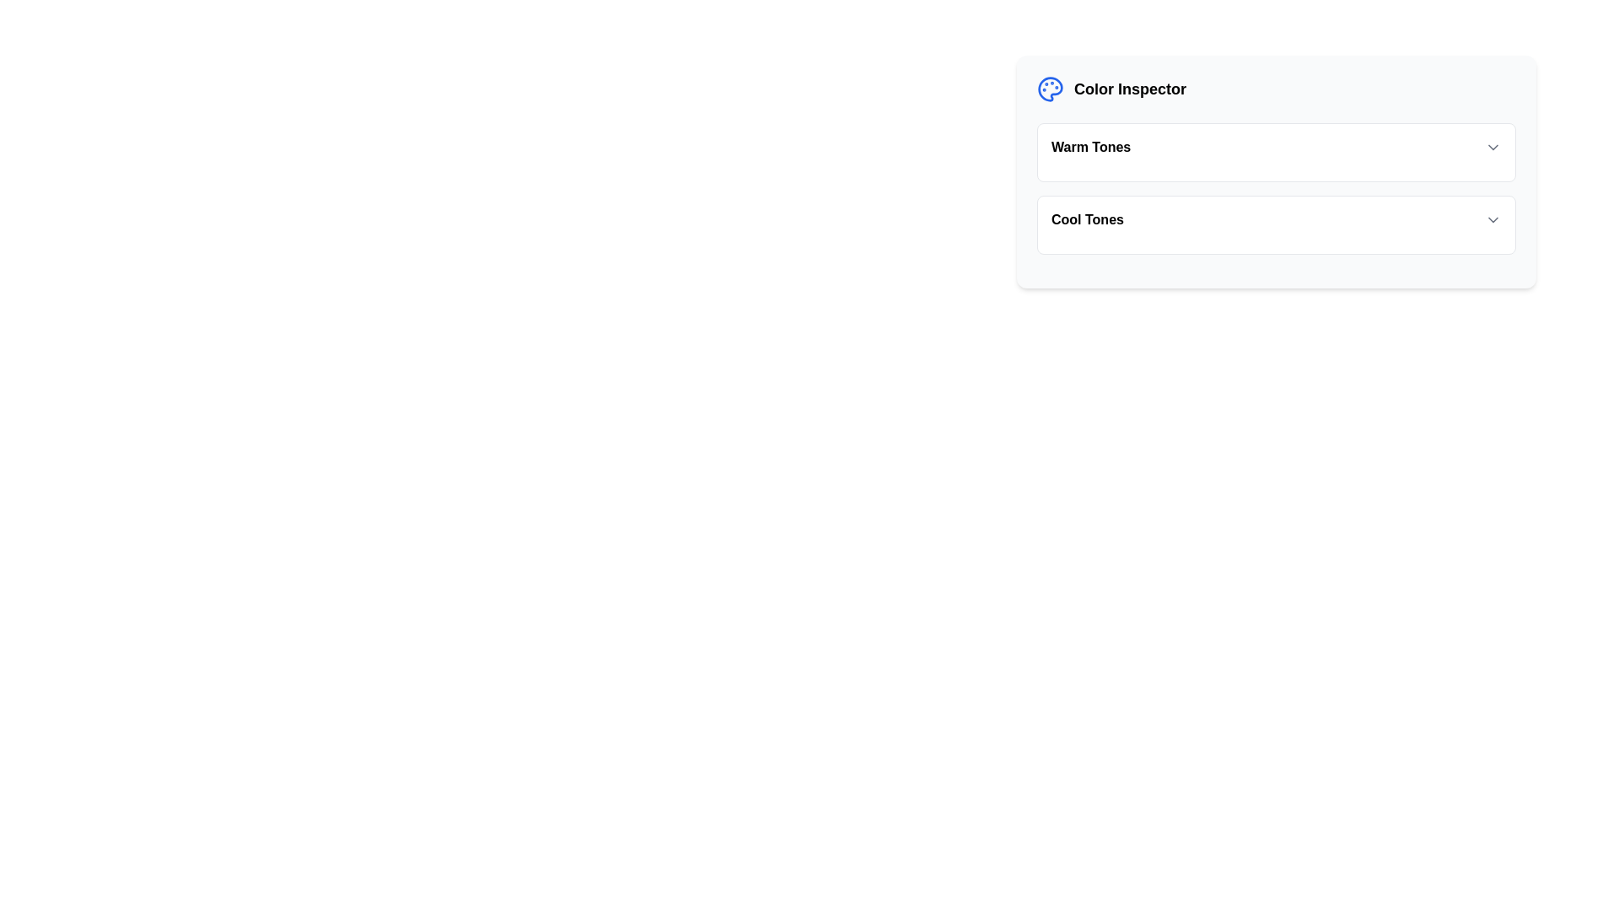  What do you see at coordinates (1276, 180) in the screenshot?
I see `the dropdown menus labeled 'Warm Tones' and 'Cool Tones' on the 'Color Inspector' panel, which is a white rectangular panel with rounded corners located in the top-right portion of the interface` at bounding box center [1276, 180].